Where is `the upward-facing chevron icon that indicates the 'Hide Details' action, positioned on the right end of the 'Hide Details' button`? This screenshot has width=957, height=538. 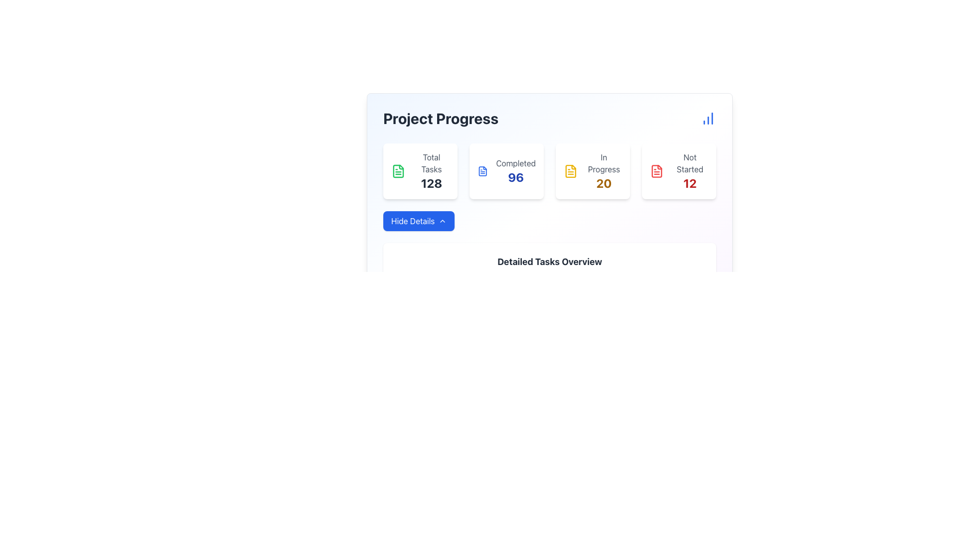
the upward-facing chevron icon that indicates the 'Hide Details' action, positioned on the right end of the 'Hide Details' button is located at coordinates (442, 220).